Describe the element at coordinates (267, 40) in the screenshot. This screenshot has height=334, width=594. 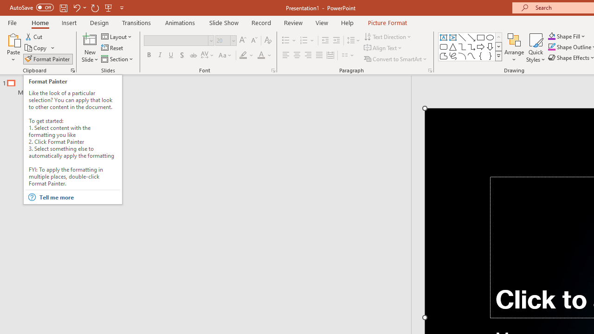
I see `'Clear Formatting'` at that location.